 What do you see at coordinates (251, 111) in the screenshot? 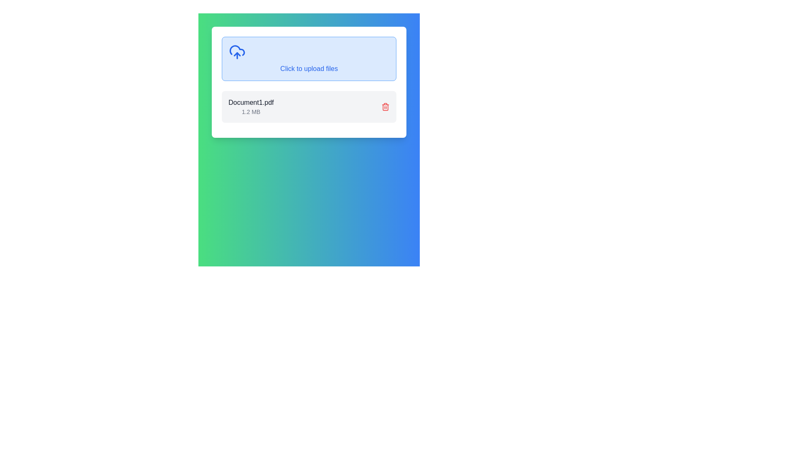
I see `the textual label displaying '1.2 MB' located below 'Document1.pdf' in the file information section` at bounding box center [251, 111].